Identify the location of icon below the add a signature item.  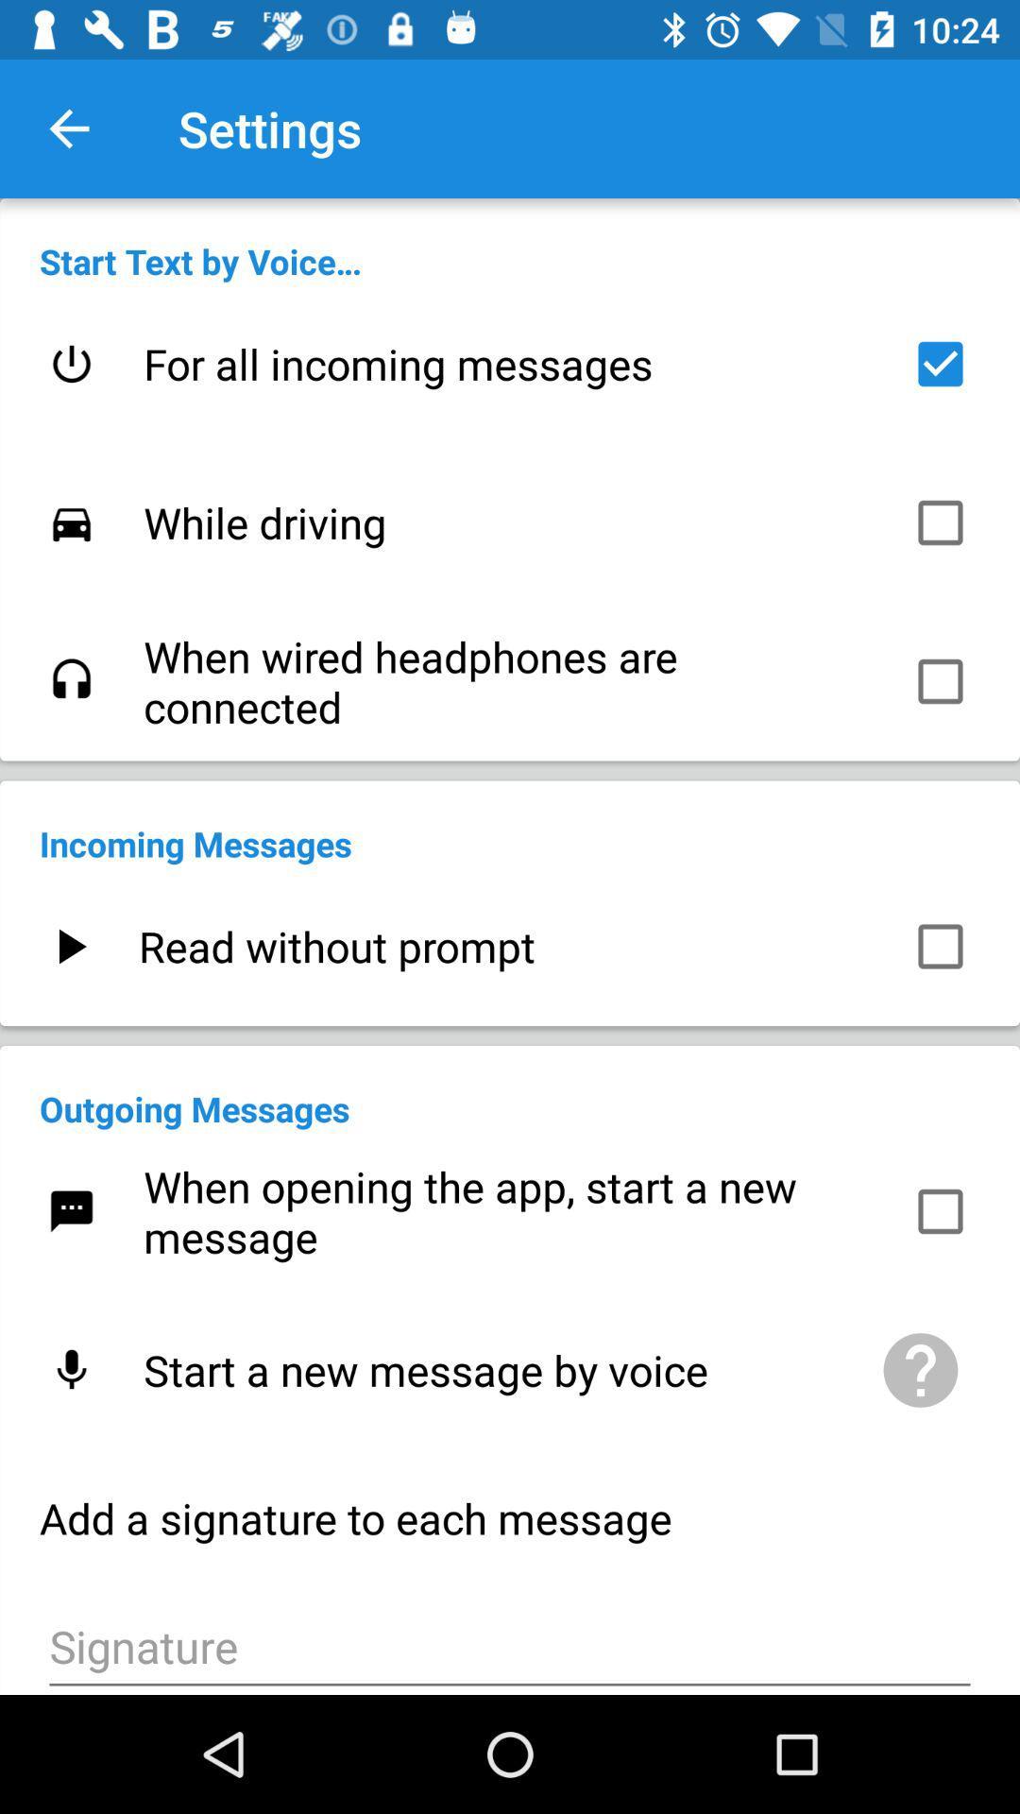
(510, 1643).